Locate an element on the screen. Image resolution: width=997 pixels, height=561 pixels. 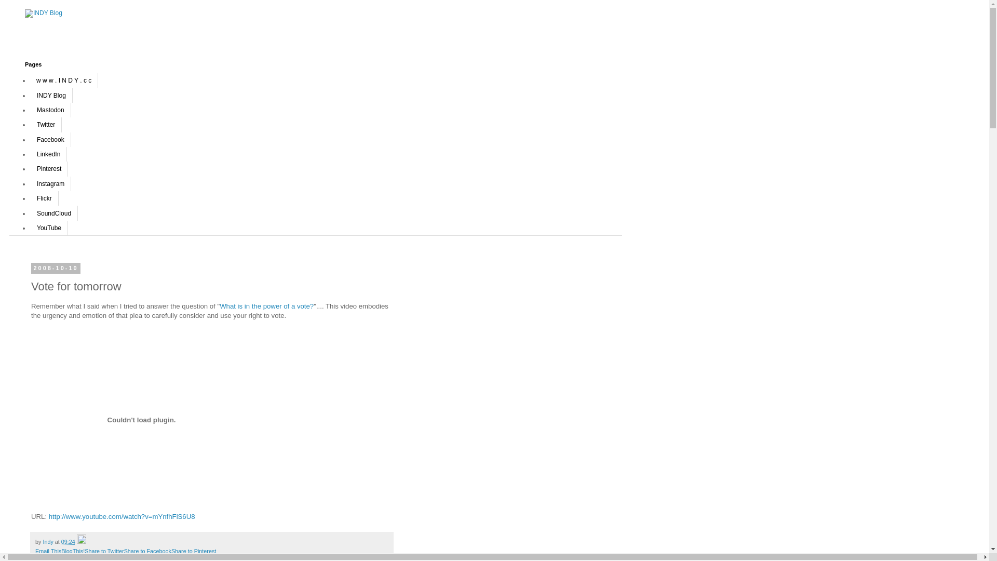
'LinkedIn' is located at coordinates (48, 154).